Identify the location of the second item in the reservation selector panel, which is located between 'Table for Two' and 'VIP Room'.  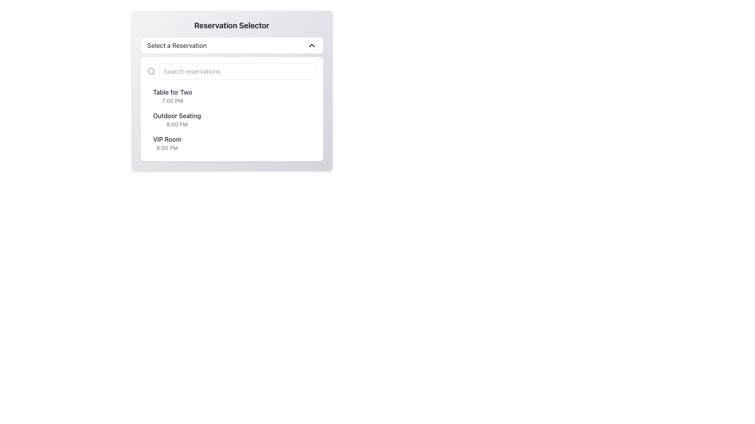
(231, 119).